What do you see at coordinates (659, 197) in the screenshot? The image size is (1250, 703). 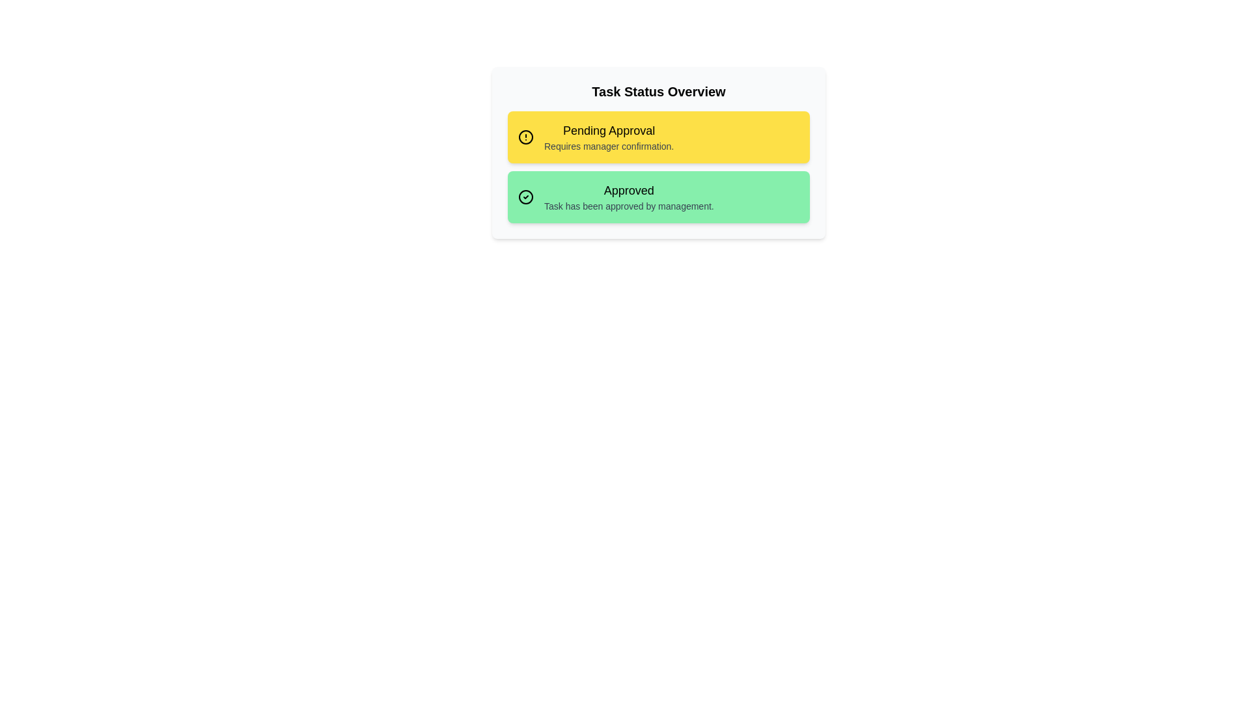 I see `the chip labeled 'Approved' to observe any hover effects` at bounding box center [659, 197].